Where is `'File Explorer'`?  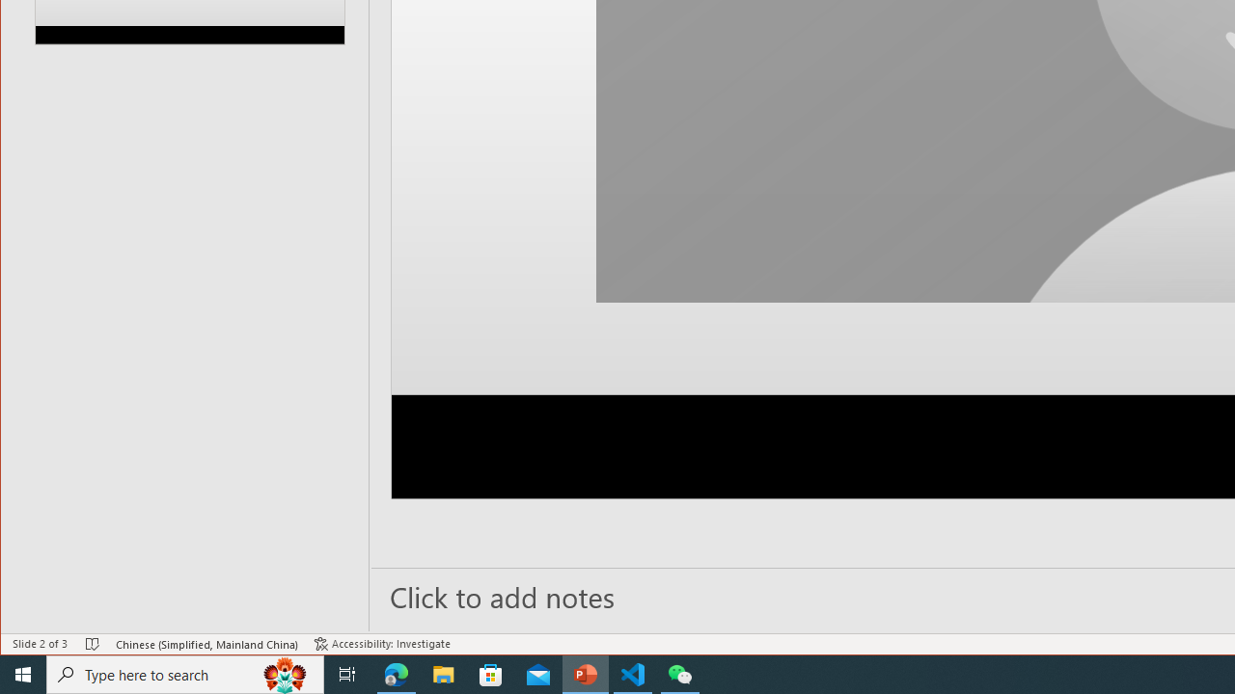
'File Explorer' is located at coordinates (443, 673).